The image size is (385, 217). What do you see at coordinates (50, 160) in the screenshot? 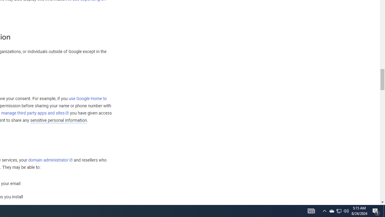
I see `'domain administrator'` at bounding box center [50, 160].